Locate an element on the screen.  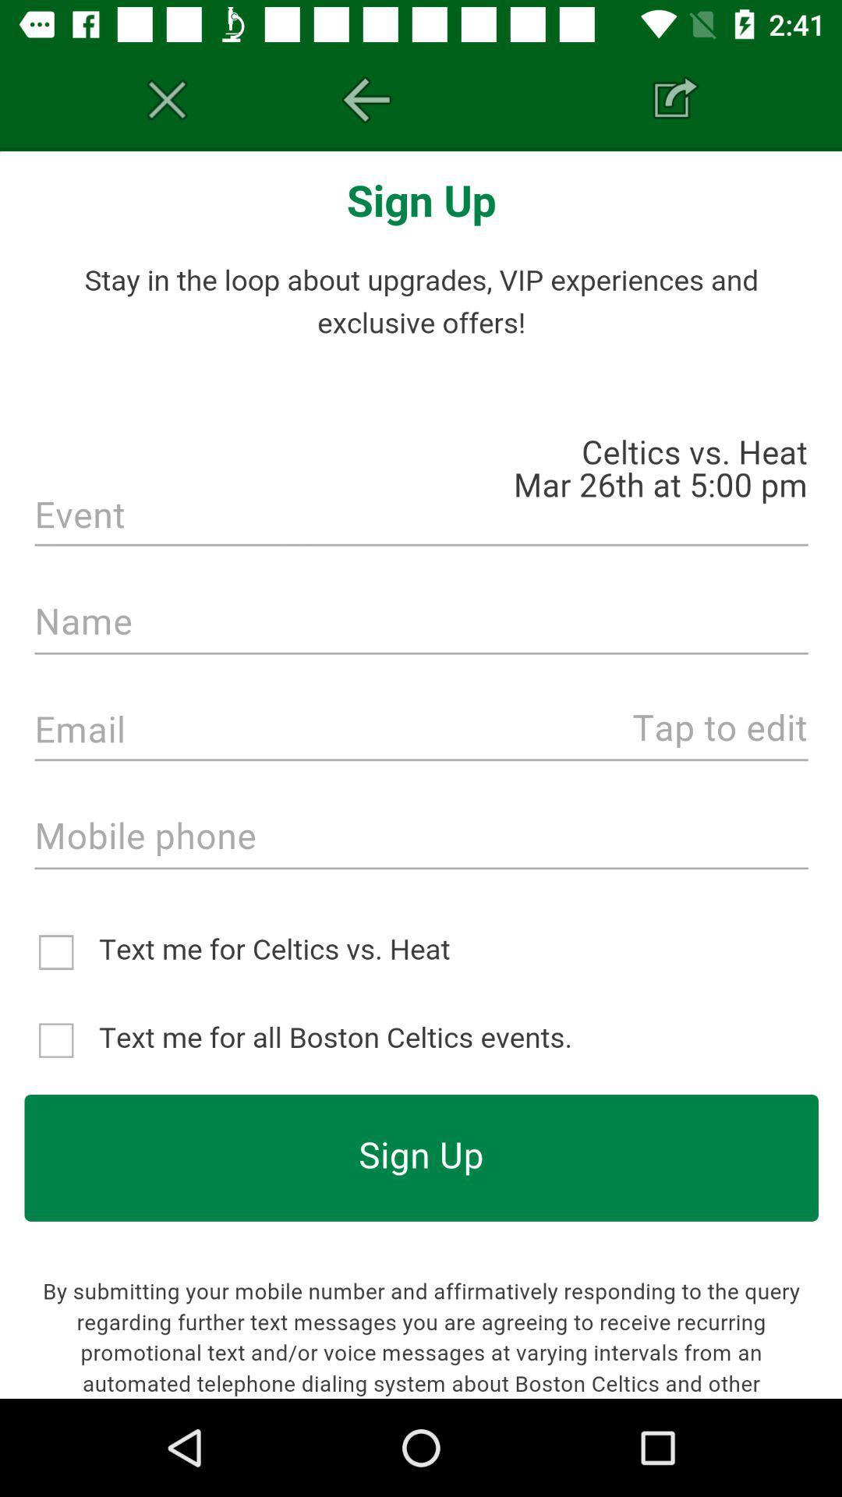
go back is located at coordinates (366, 99).